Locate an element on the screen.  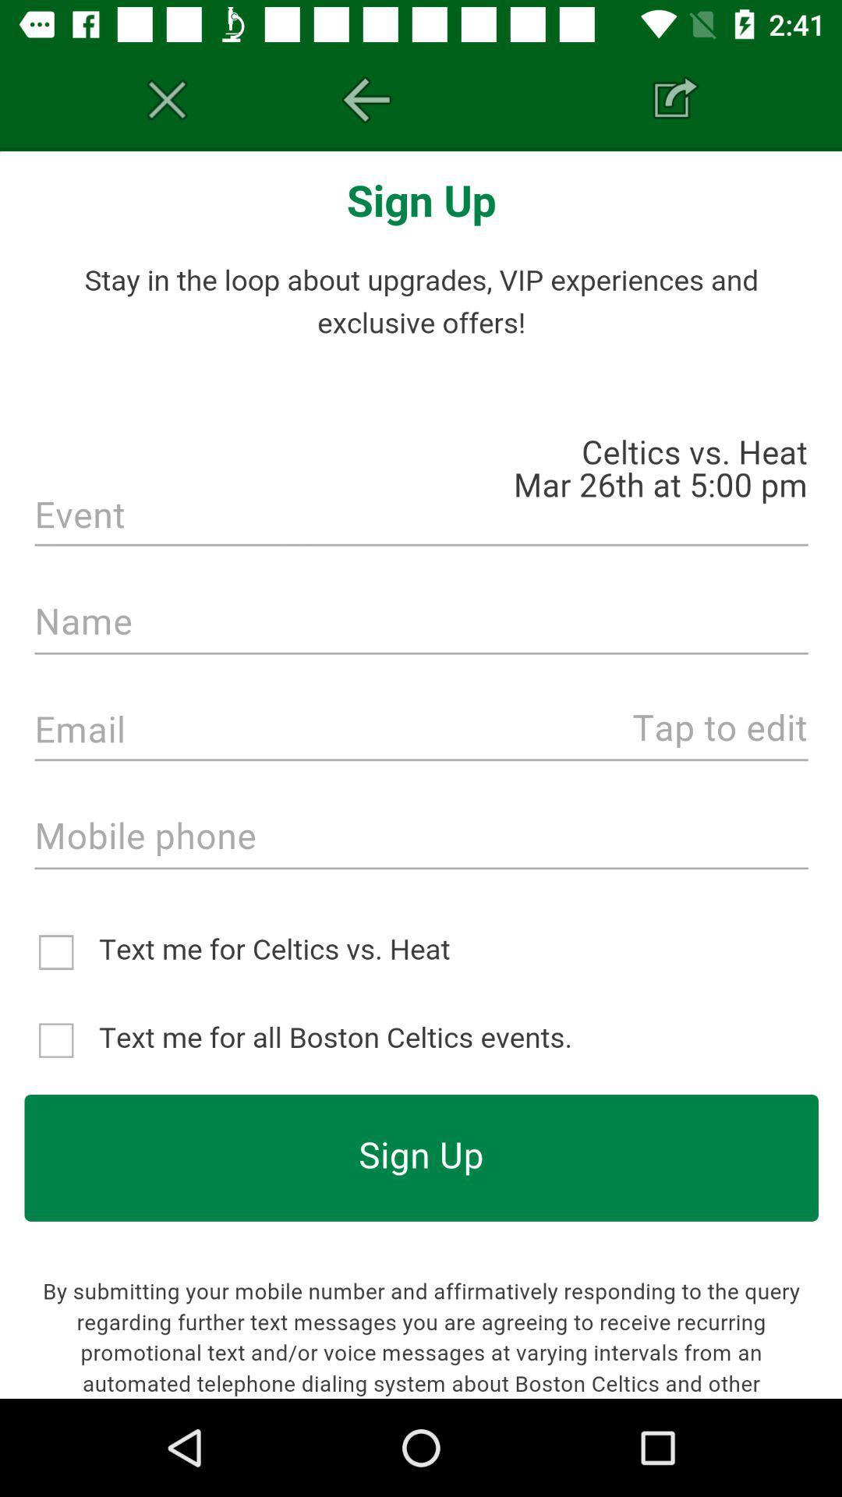
go back is located at coordinates (366, 99).